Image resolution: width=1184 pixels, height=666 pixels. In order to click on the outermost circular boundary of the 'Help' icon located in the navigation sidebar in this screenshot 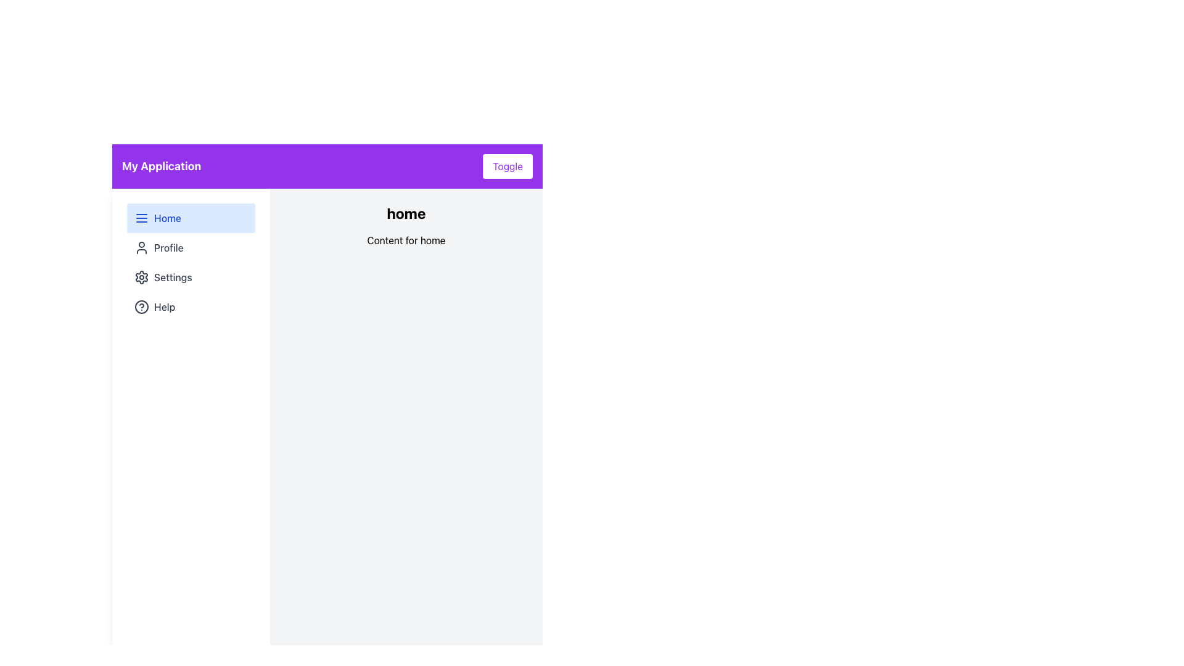, I will do `click(142, 306)`.